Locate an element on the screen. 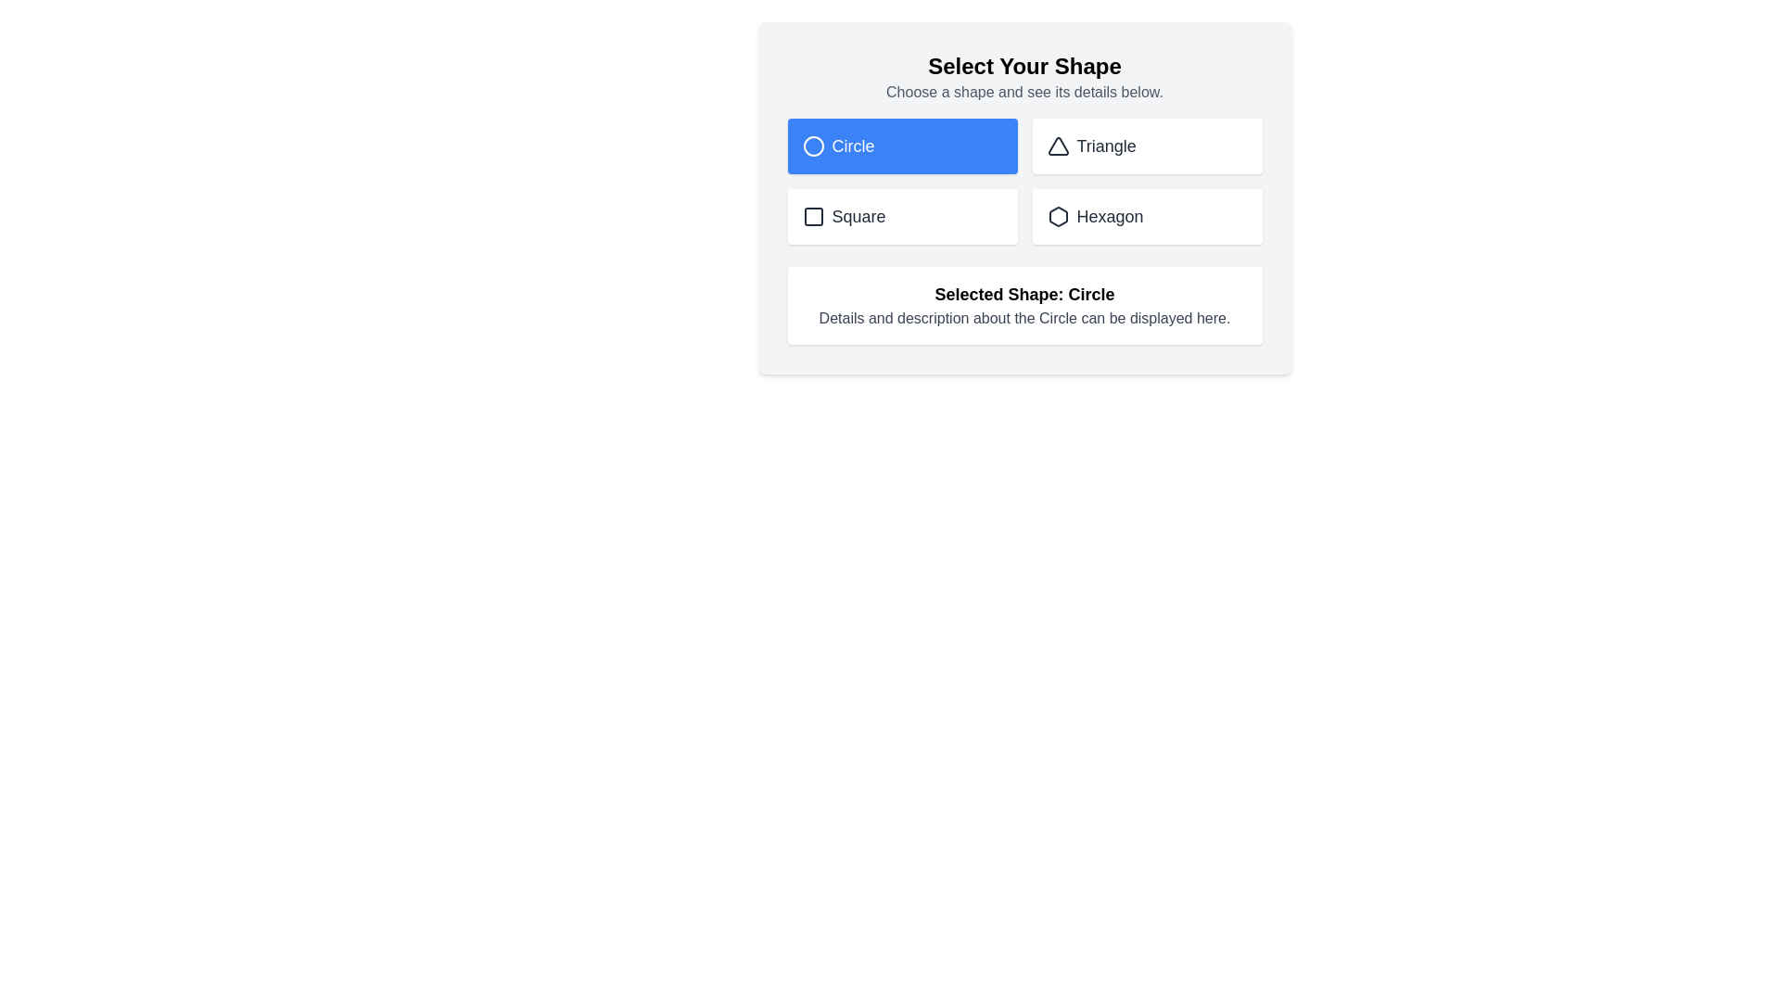  the text label displaying 'Selected Shape: Circle', which is styled in bold and positioned centrally at the bottom of the shape selection grid is located at coordinates (1023, 293).